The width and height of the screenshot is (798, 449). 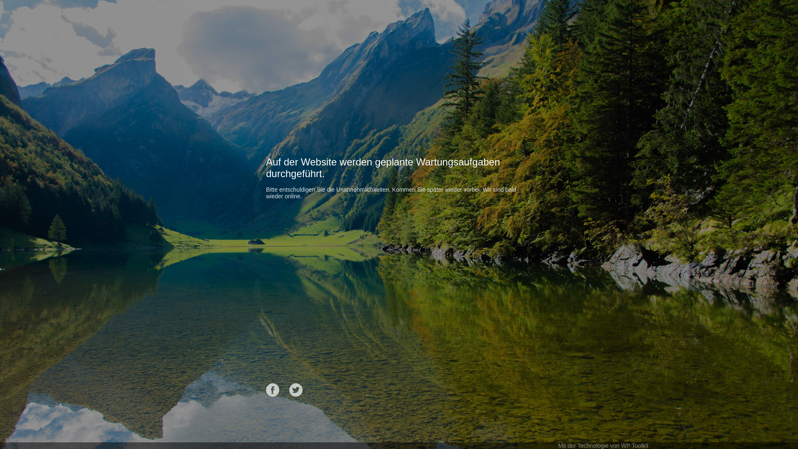 What do you see at coordinates (273, 390) in the screenshot?
I see `'Facebook'` at bounding box center [273, 390].